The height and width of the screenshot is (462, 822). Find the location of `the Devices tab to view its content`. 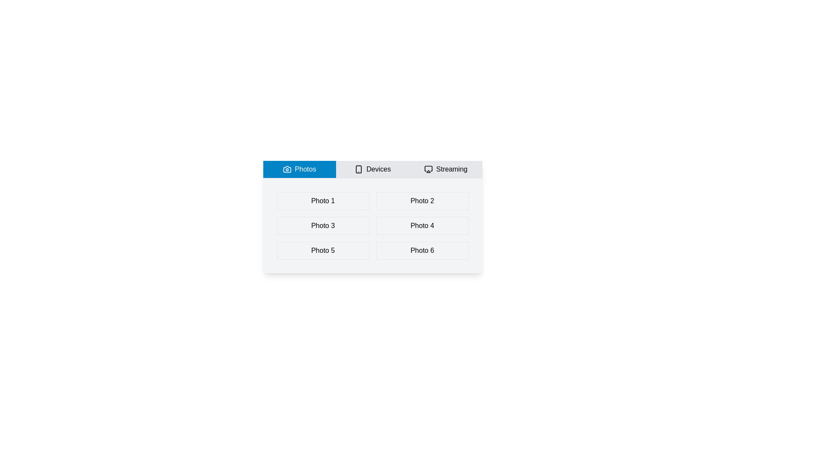

the Devices tab to view its content is located at coordinates (372, 169).